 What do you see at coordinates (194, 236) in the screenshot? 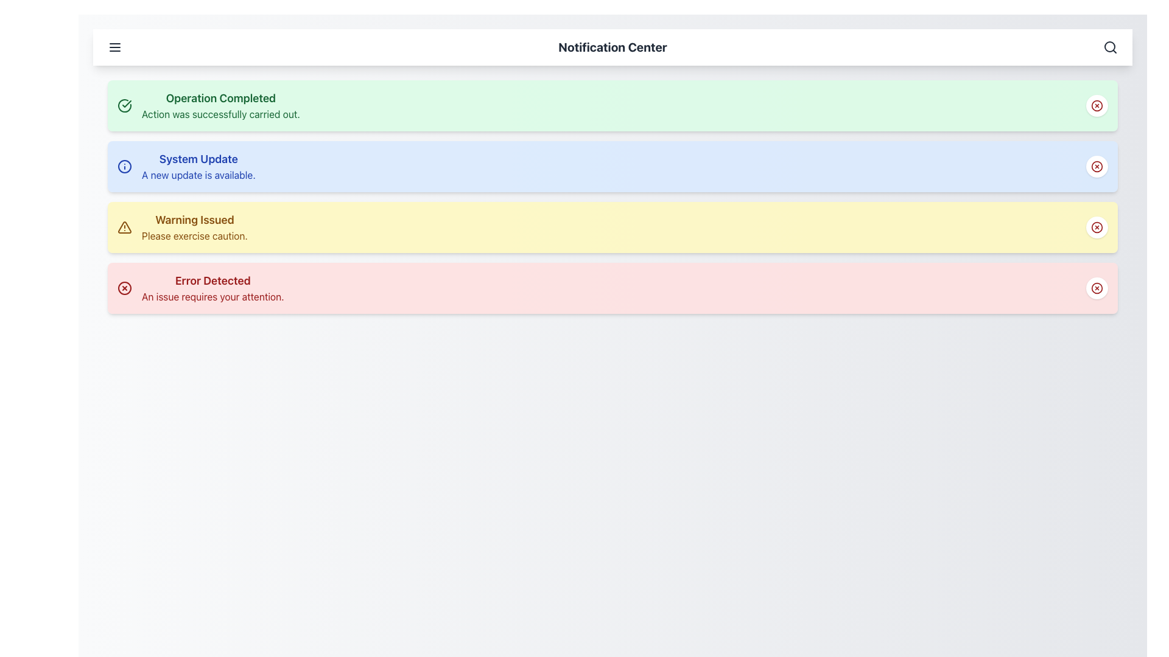
I see `auxiliary description text located directly under the 'Warning Issued' heading in the third notification box, which is highlighted in yellow` at bounding box center [194, 236].